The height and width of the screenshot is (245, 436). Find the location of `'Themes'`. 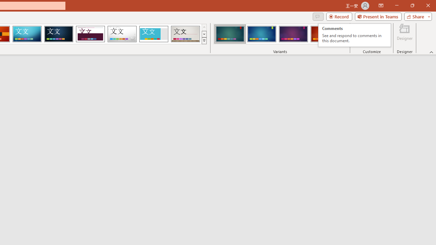

'Themes' is located at coordinates (204, 41).